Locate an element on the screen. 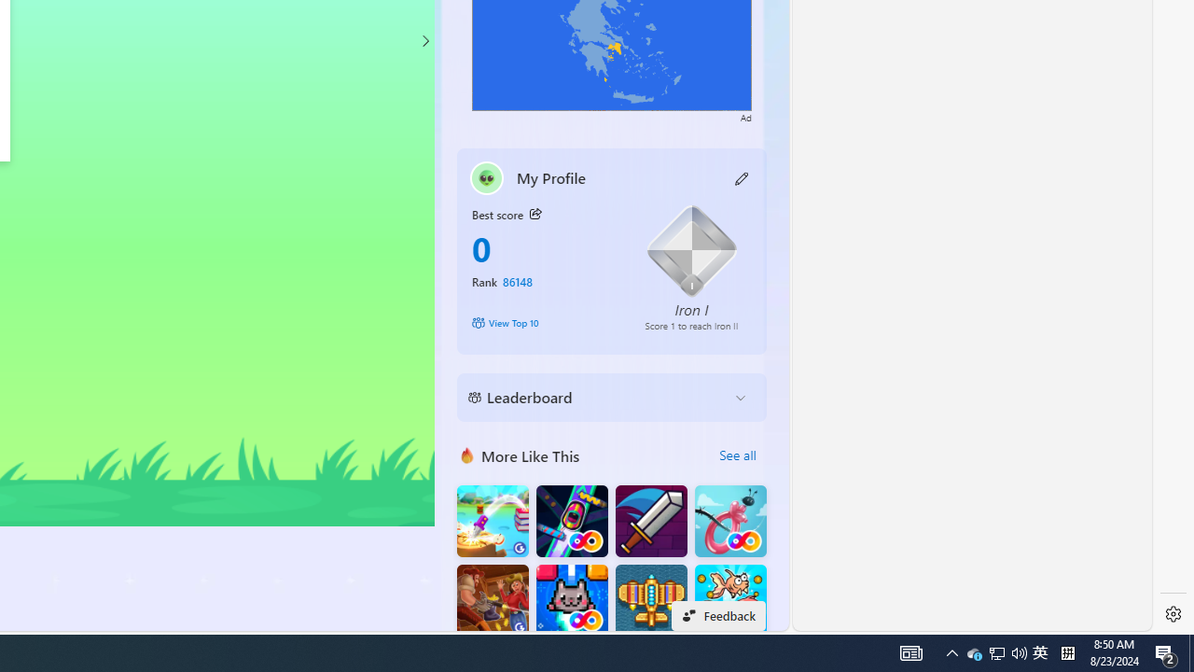  'See all' is located at coordinates (737, 455).